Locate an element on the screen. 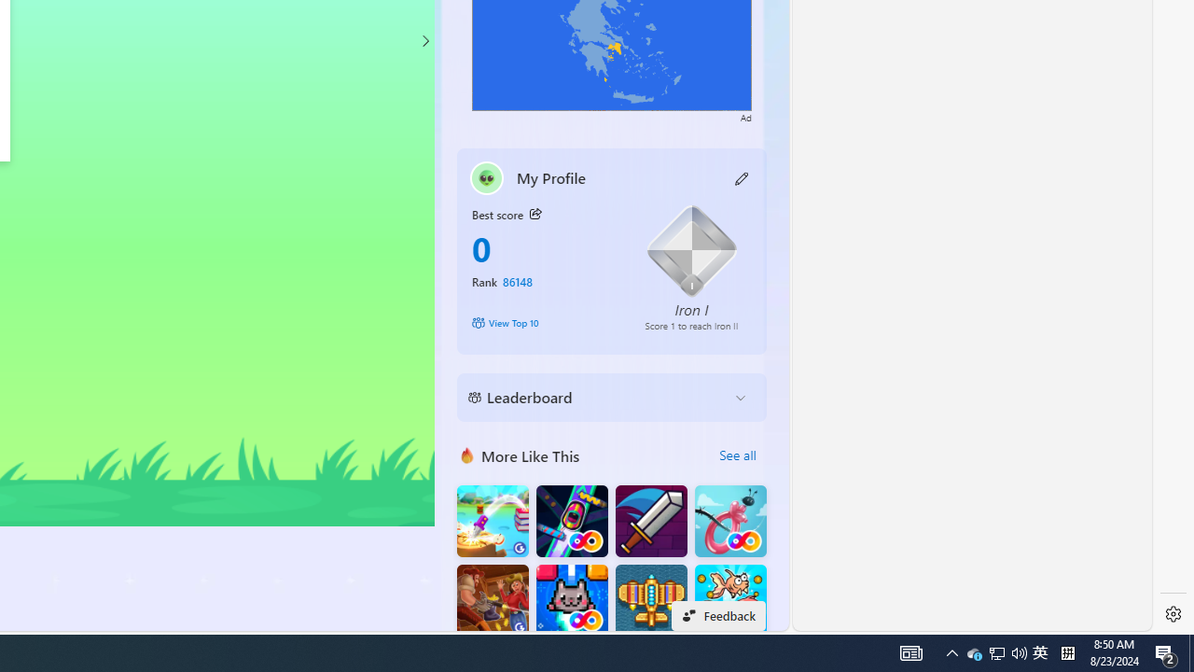  'See all' is located at coordinates (737, 455).